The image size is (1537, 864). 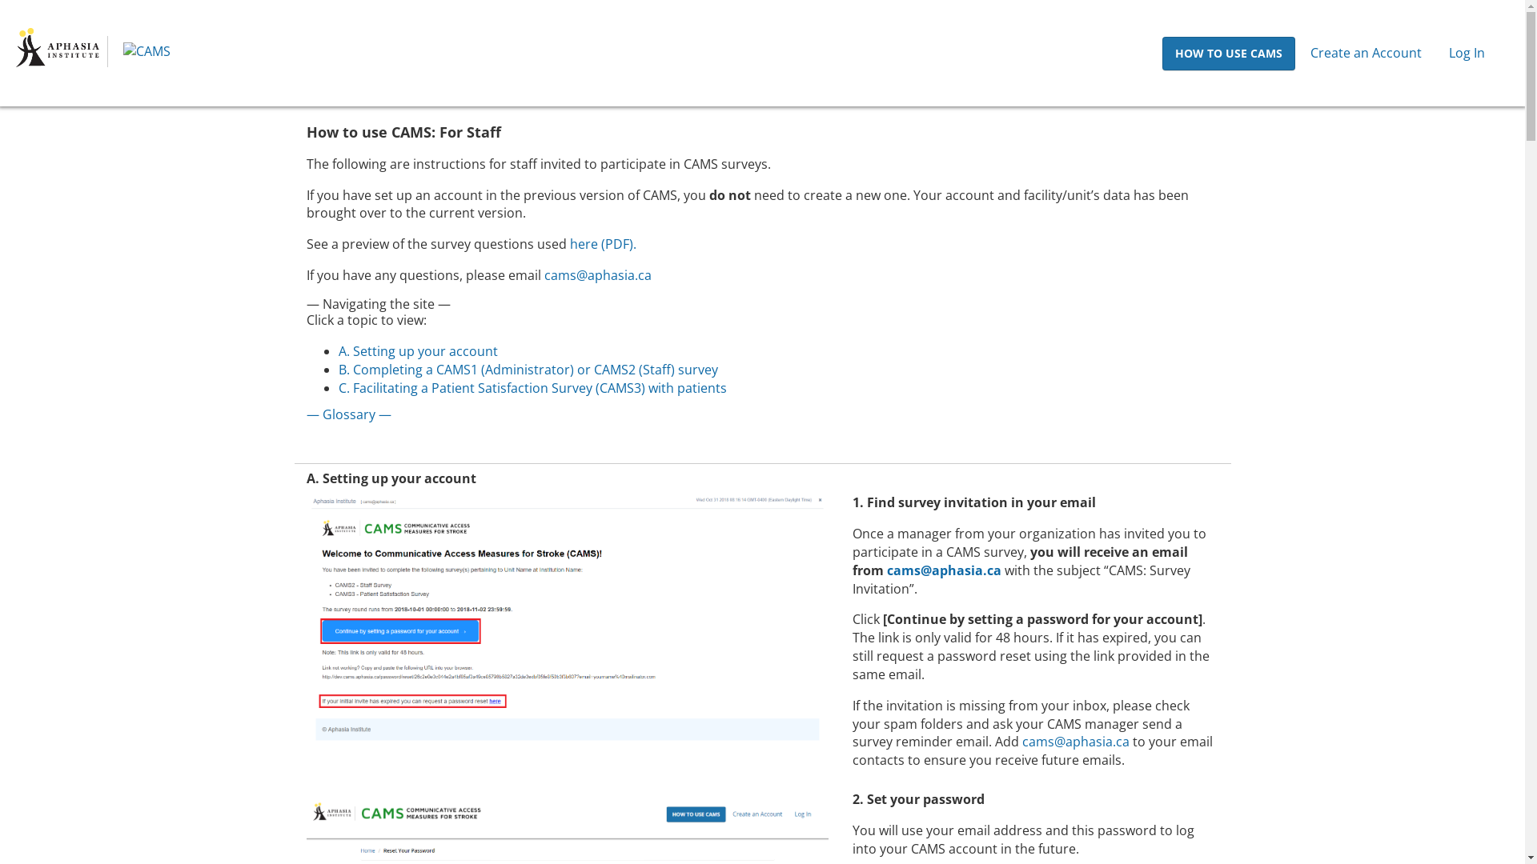 I want to click on 'HOW TO USE CAMS', so click(x=1228, y=52).